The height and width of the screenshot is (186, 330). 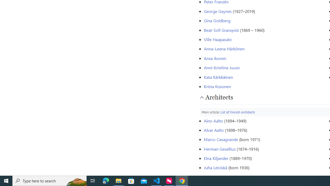 What do you see at coordinates (218, 39) in the screenshot?
I see `'Ville Haapasalo'` at bounding box center [218, 39].